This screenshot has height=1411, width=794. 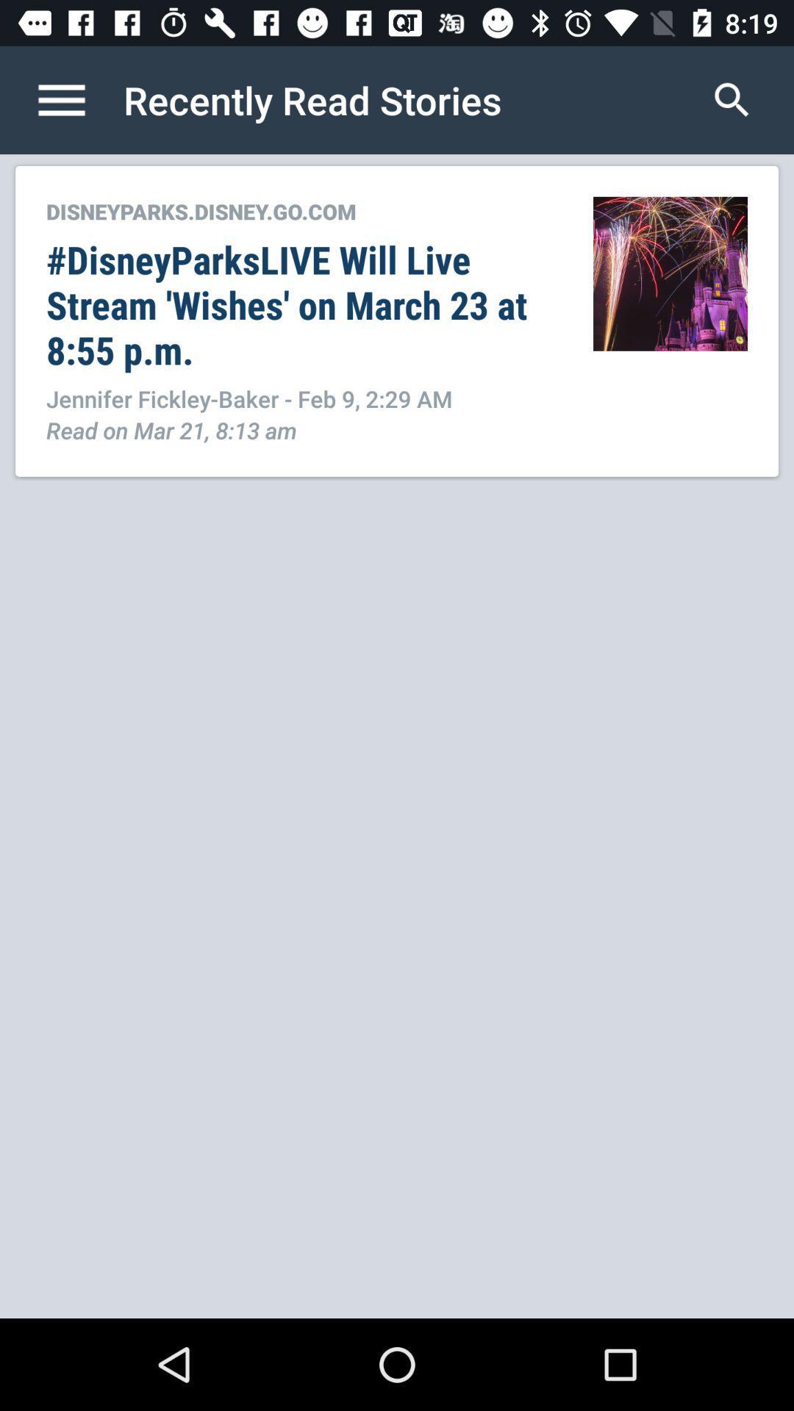 I want to click on options, so click(x=76, y=99).